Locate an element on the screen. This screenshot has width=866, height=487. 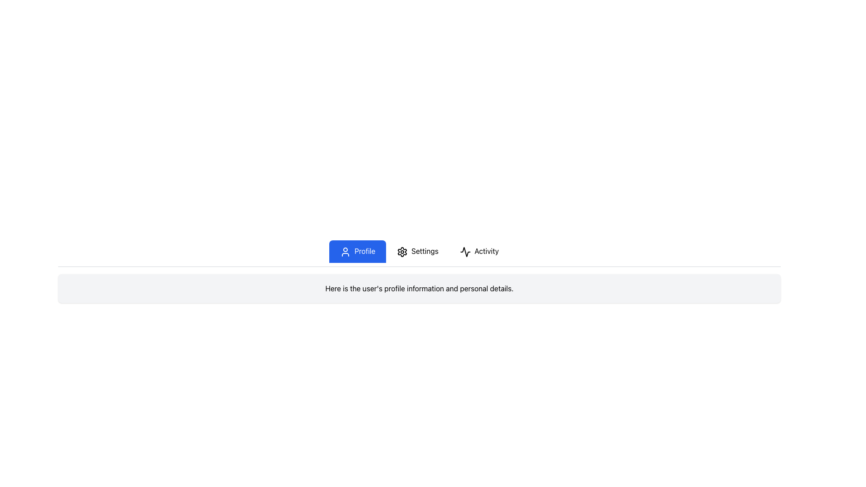
the activity analytics icon located between the 'Settings' icon and the 'Activity' label in the horizontal navigation bar is located at coordinates (465, 252).